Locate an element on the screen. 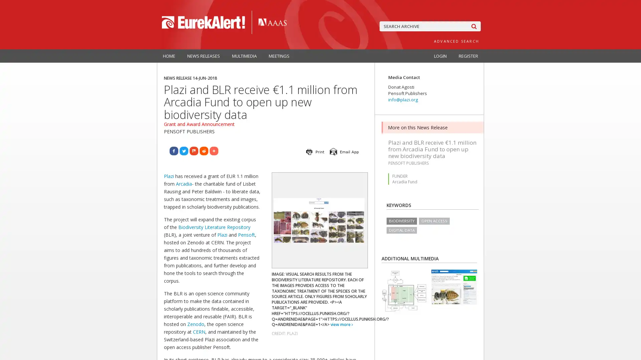  Share to Reddit is located at coordinates (203, 151).